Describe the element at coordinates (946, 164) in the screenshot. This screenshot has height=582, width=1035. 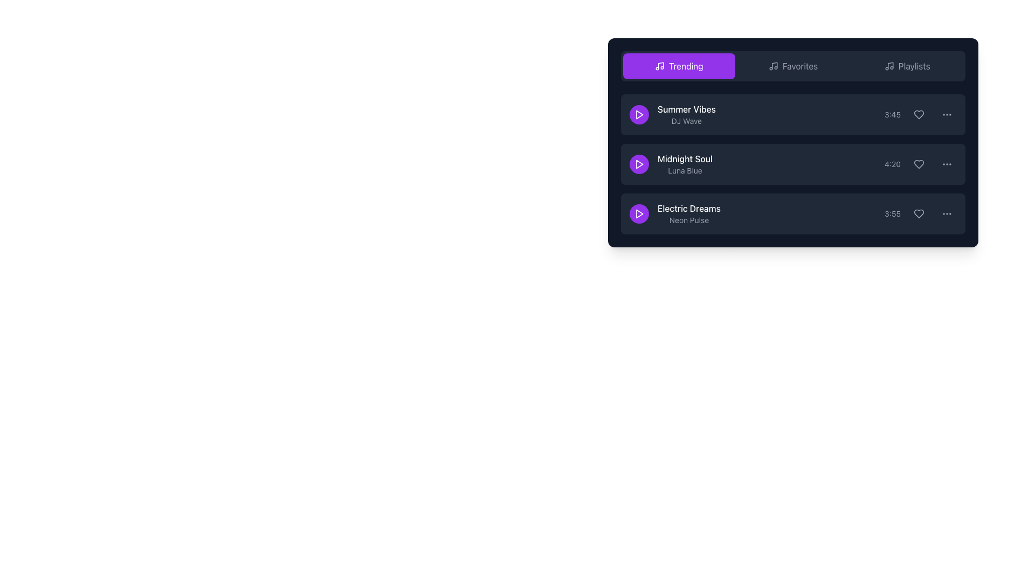
I see `the clickable ellipsis button located in the 'Midnight Soul' row, positioned on the far-right side of the row` at that location.